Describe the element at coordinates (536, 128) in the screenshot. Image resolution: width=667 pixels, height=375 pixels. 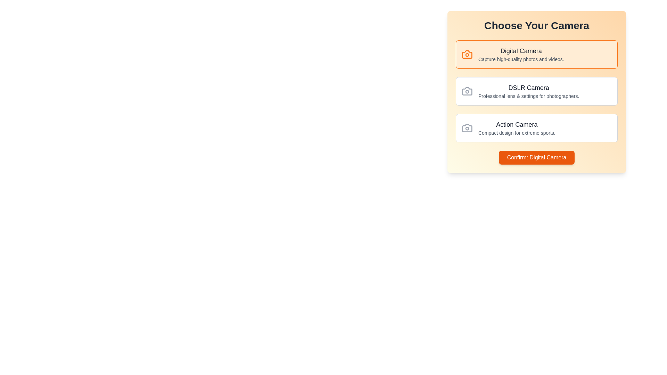
I see `to select the 'Action Camera' option, which is a rectangular button featuring the title 'Action Camera' in bold text and a description 'Compact design for extreme sports.'` at that location.